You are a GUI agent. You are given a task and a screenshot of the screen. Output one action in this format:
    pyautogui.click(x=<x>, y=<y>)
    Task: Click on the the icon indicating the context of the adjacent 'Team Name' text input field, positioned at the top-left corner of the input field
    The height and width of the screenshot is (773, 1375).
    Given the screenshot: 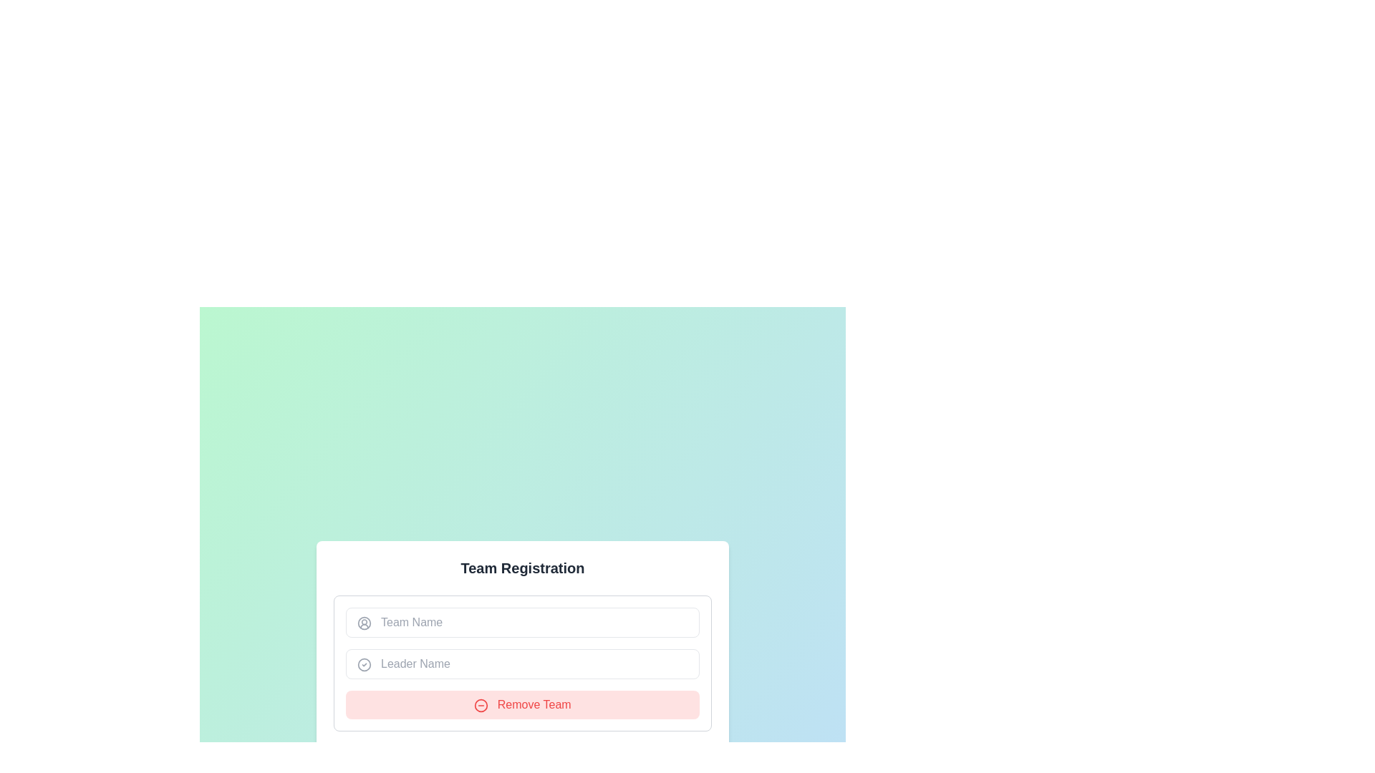 What is the action you would take?
    pyautogui.click(x=364, y=623)
    